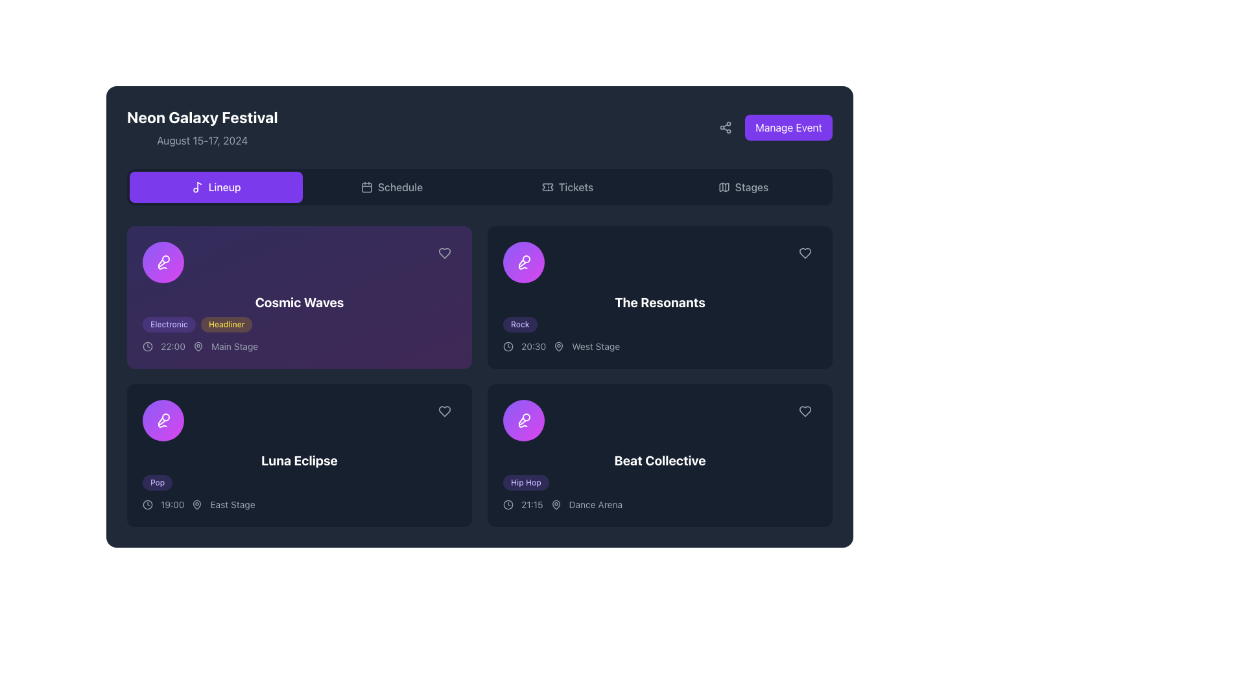 This screenshot has width=1245, height=700. I want to click on the microphone icon with a white stroke on a purple circular background, located in the left circular icon of the 'Cosmic Waves' event card, so click(163, 420).